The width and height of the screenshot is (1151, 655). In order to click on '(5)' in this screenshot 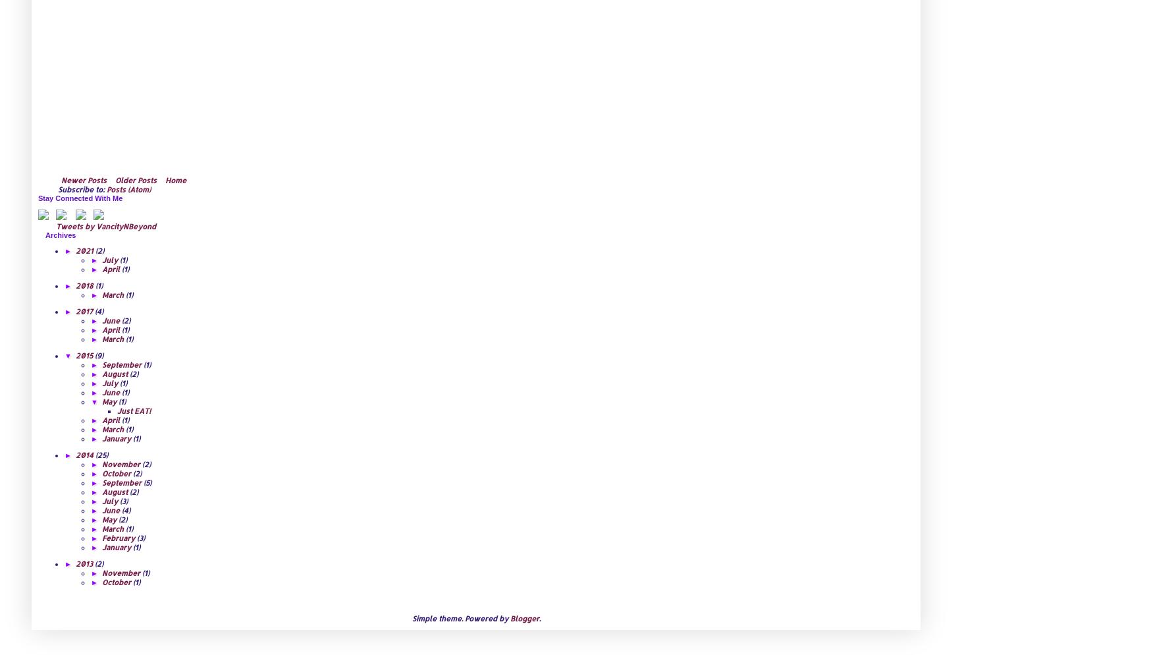, I will do `click(147, 482)`.